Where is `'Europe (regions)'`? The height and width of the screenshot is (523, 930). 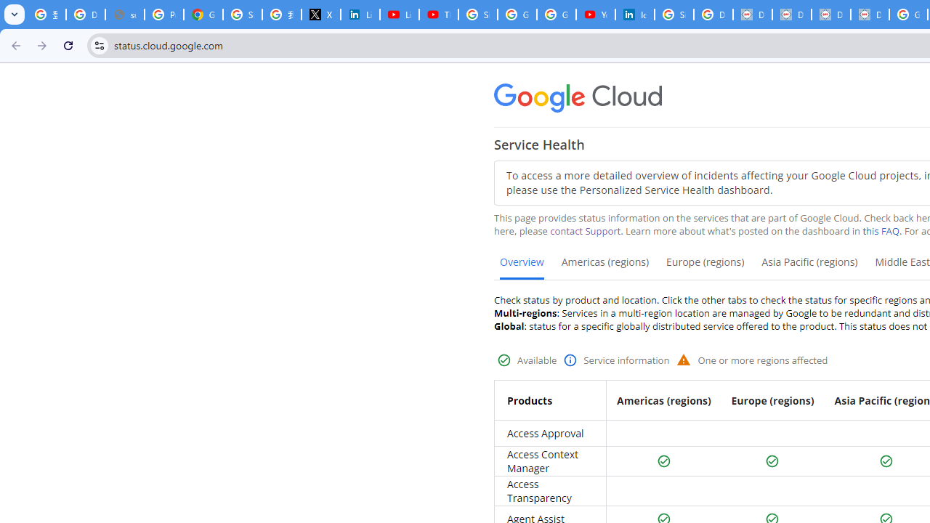 'Europe (regions)' is located at coordinates (705, 267).